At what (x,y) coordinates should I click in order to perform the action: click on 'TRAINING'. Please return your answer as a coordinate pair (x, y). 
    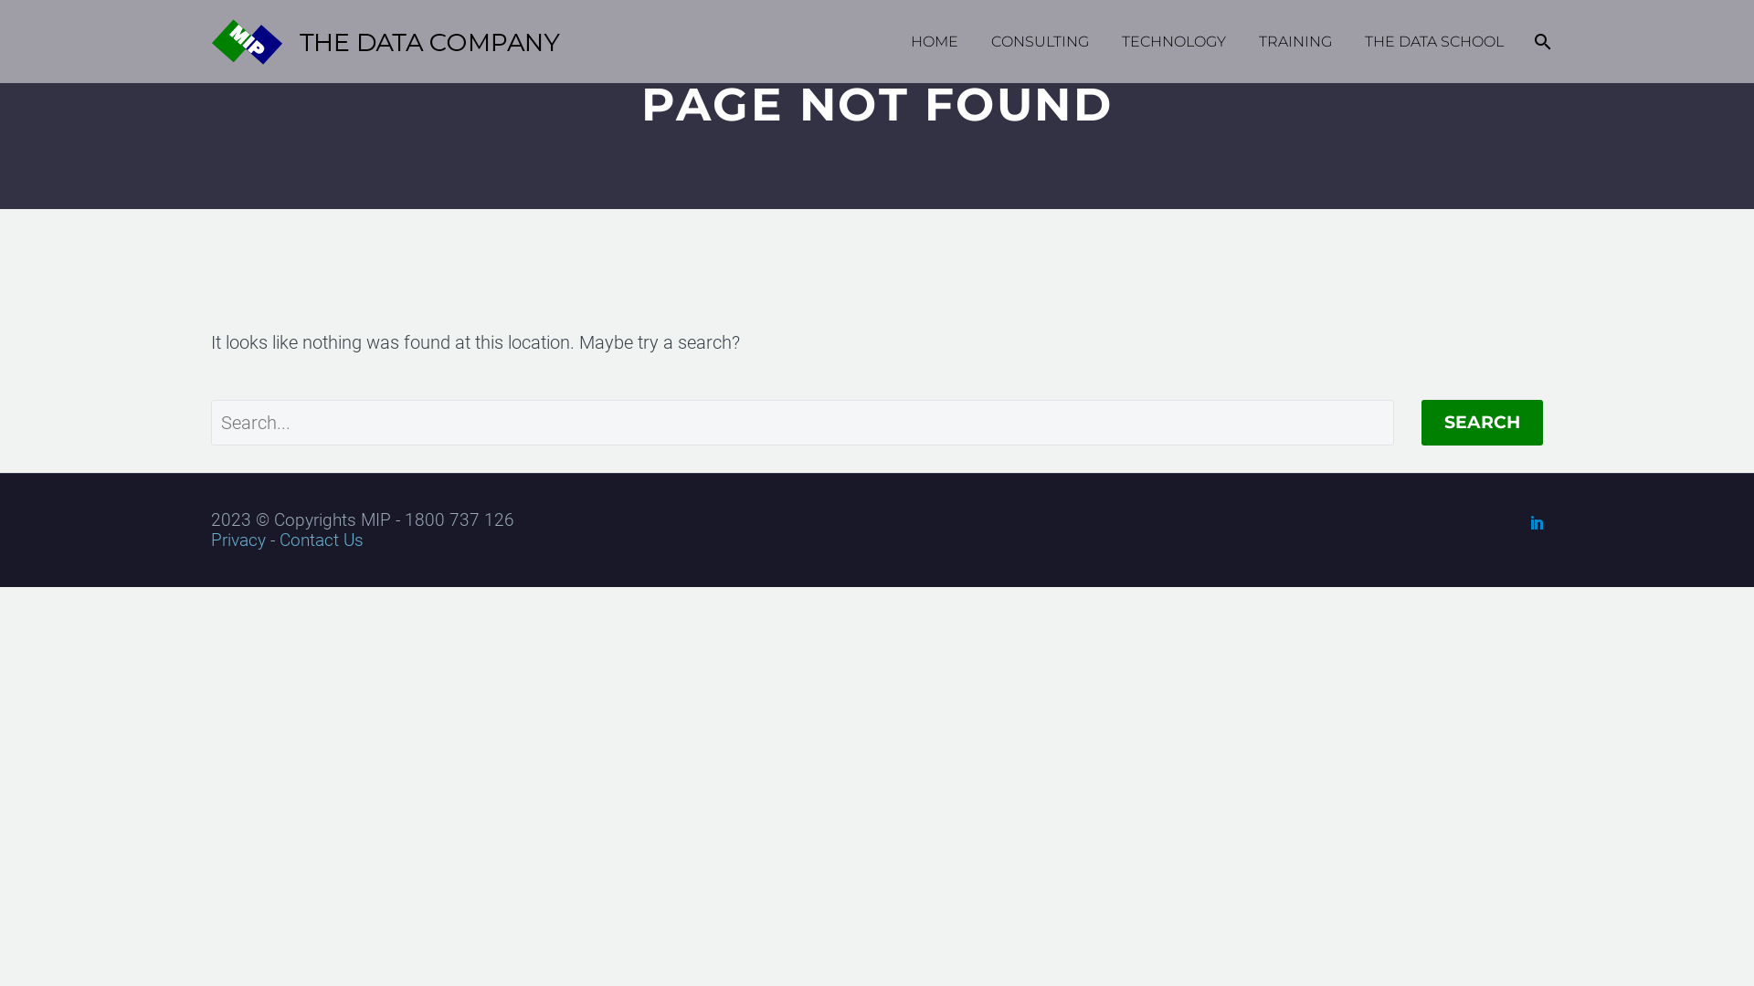
    Looking at the image, I should click on (1294, 41).